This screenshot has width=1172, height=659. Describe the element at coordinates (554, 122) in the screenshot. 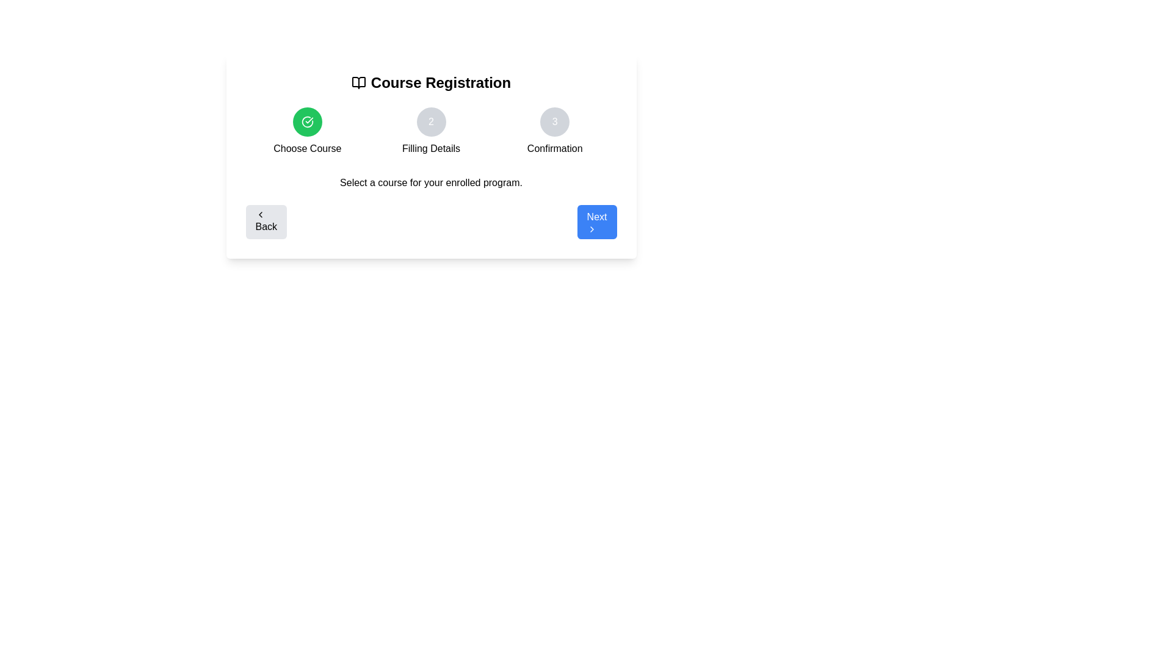

I see `the numeral '3' displayed in the center of a circular gray button, which indicates the 'Confirmation' step in the Course Registration process` at that location.